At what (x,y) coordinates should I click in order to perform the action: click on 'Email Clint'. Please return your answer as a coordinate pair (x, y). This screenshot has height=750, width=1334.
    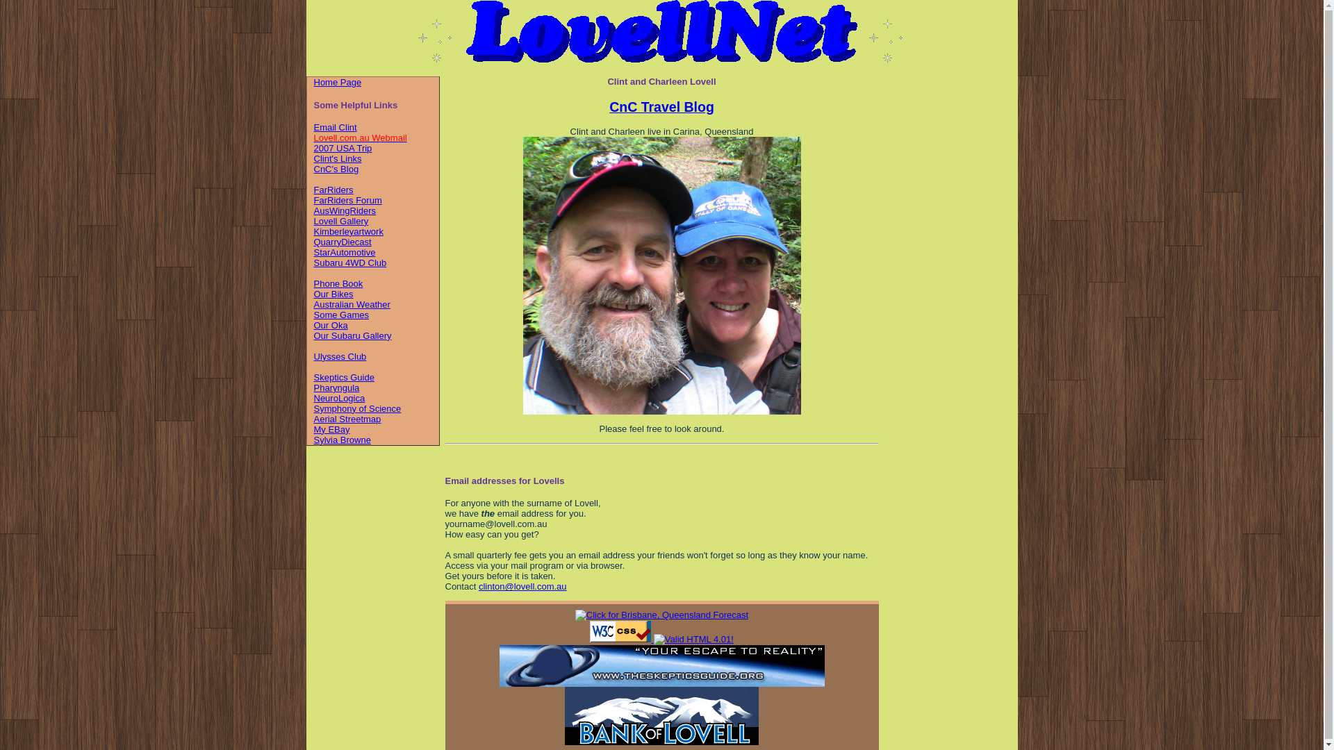
    Looking at the image, I should click on (336, 127).